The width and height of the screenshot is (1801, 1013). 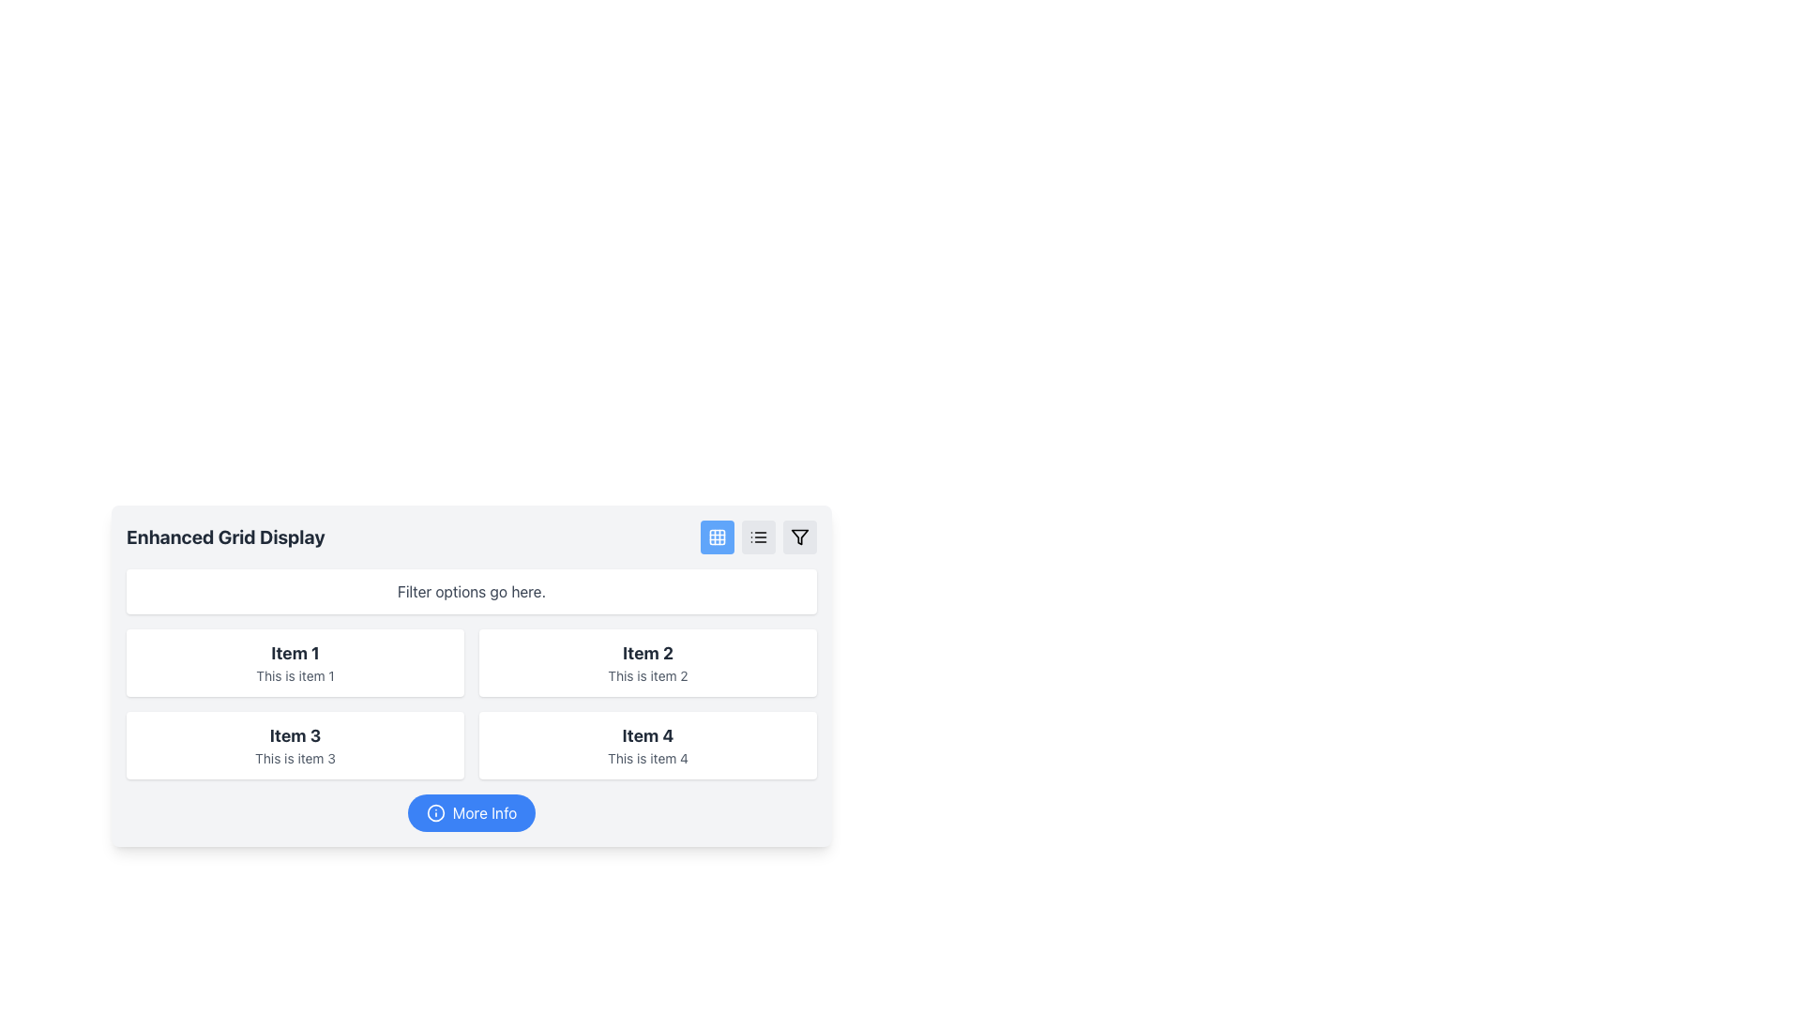 What do you see at coordinates (434, 812) in the screenshot?
I see `the circle element within the 'More Info' button in the SVG graphic at the bottom of the interface` at bounding box center [434, 812].